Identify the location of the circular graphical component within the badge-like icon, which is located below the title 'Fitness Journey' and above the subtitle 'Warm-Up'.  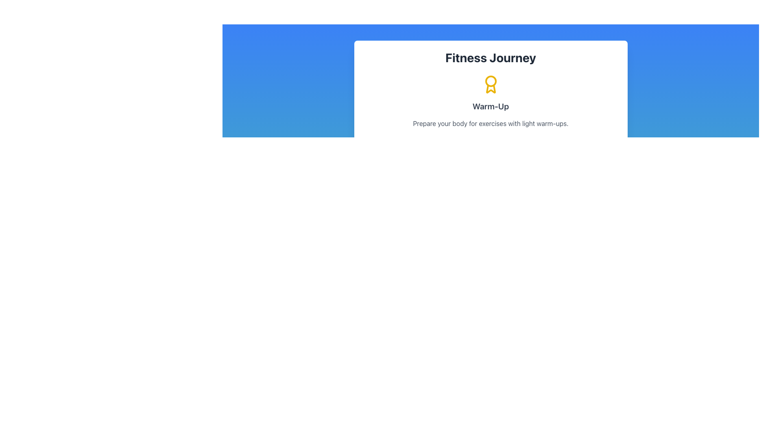
(490, 81).